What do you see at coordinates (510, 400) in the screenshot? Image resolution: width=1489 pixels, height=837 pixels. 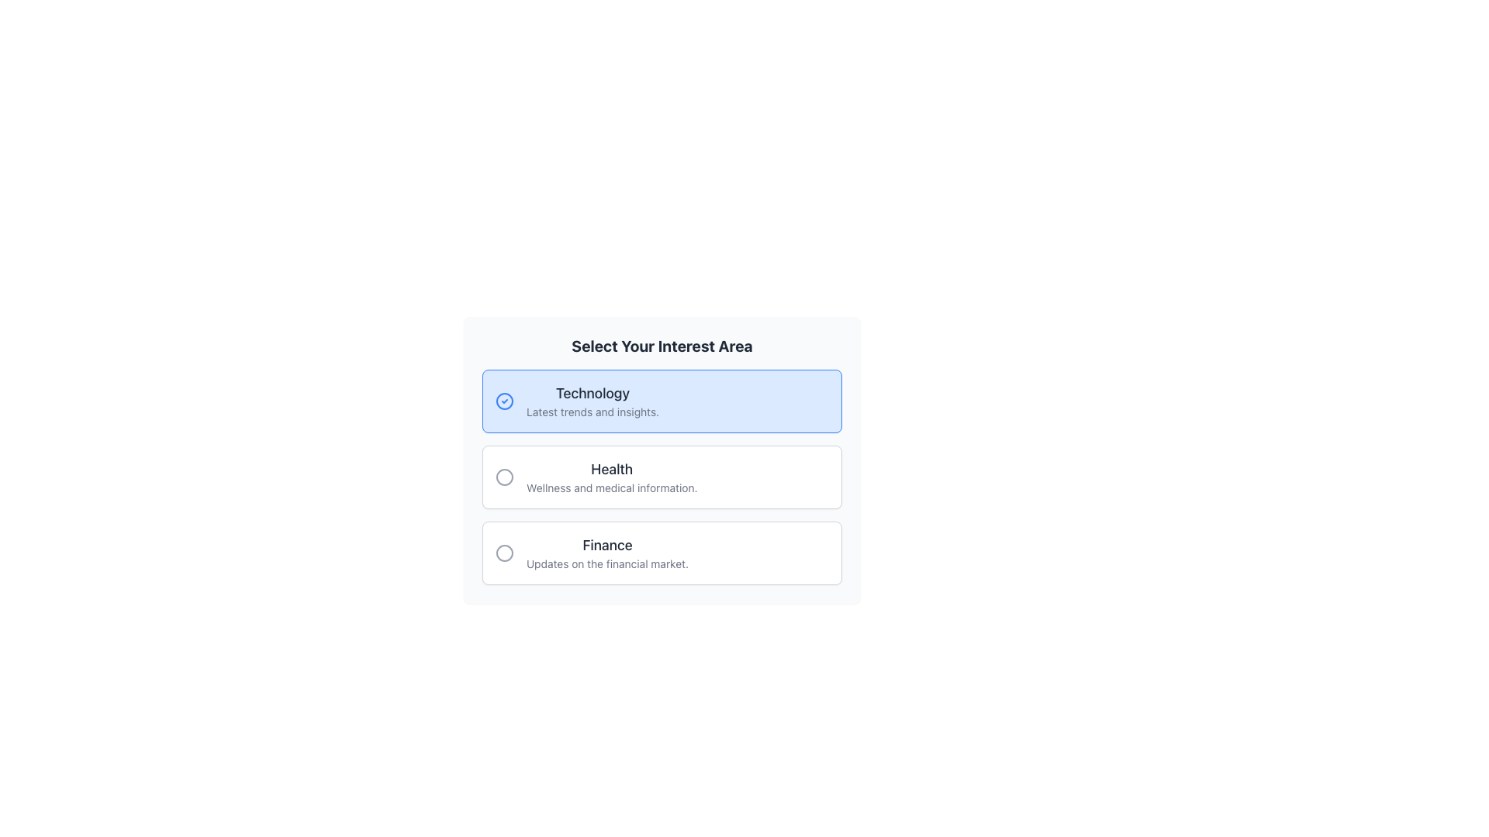 I see `the circular blue icon representing the selection state of the 'Technology' option` at bounding box center [510, 400].